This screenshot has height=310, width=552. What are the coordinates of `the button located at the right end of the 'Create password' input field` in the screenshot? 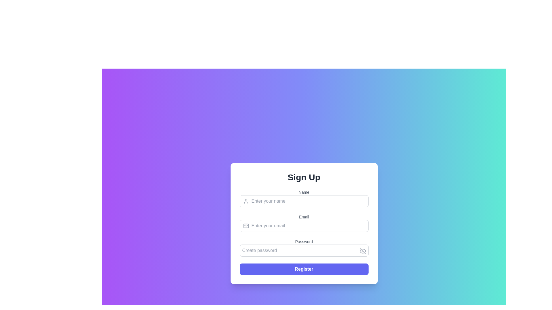 It's located at (362, 250).